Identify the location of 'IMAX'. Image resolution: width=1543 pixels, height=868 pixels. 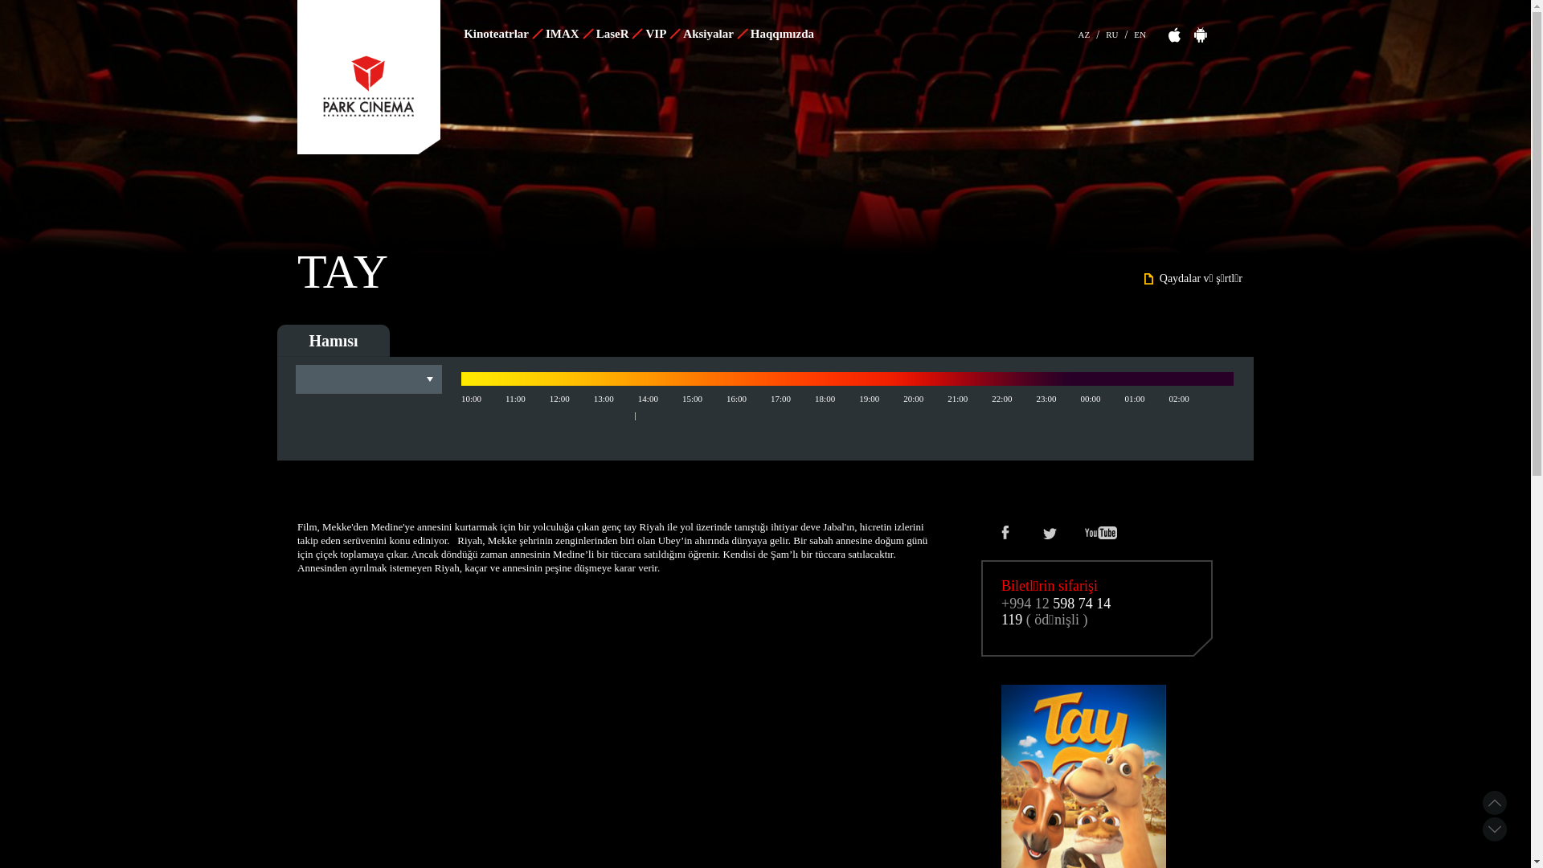
(568, 34).